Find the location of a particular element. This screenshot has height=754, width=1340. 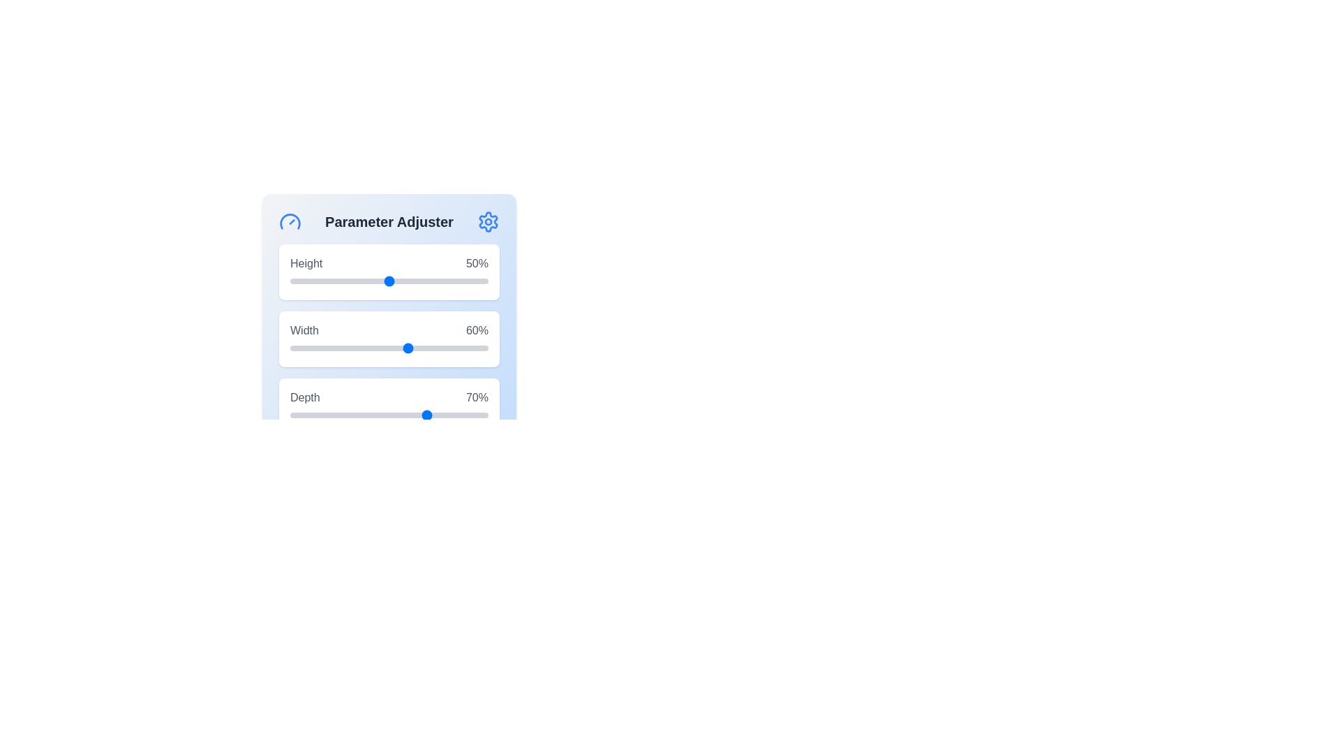

the 0 slider to 13% is located at coordinates (315, 281).